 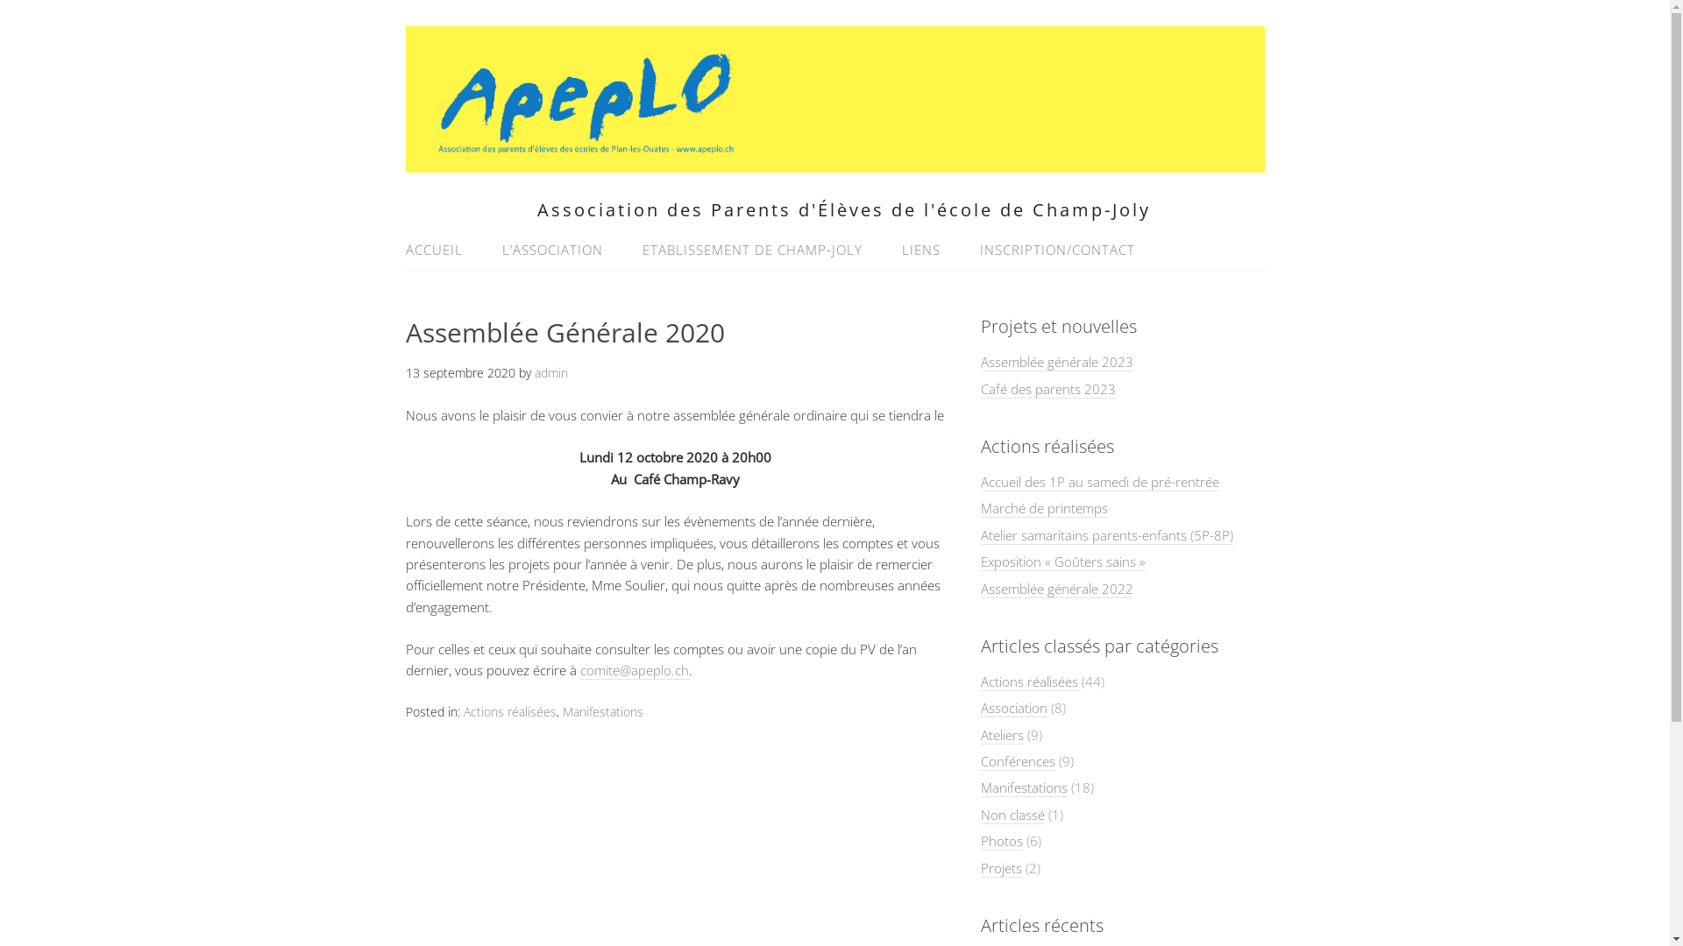 What do you see at coordinates (1048, 250) in the screenshot?
I see `'INSCRIPTION/CONTACT'` at bounding box center [1048, 250].